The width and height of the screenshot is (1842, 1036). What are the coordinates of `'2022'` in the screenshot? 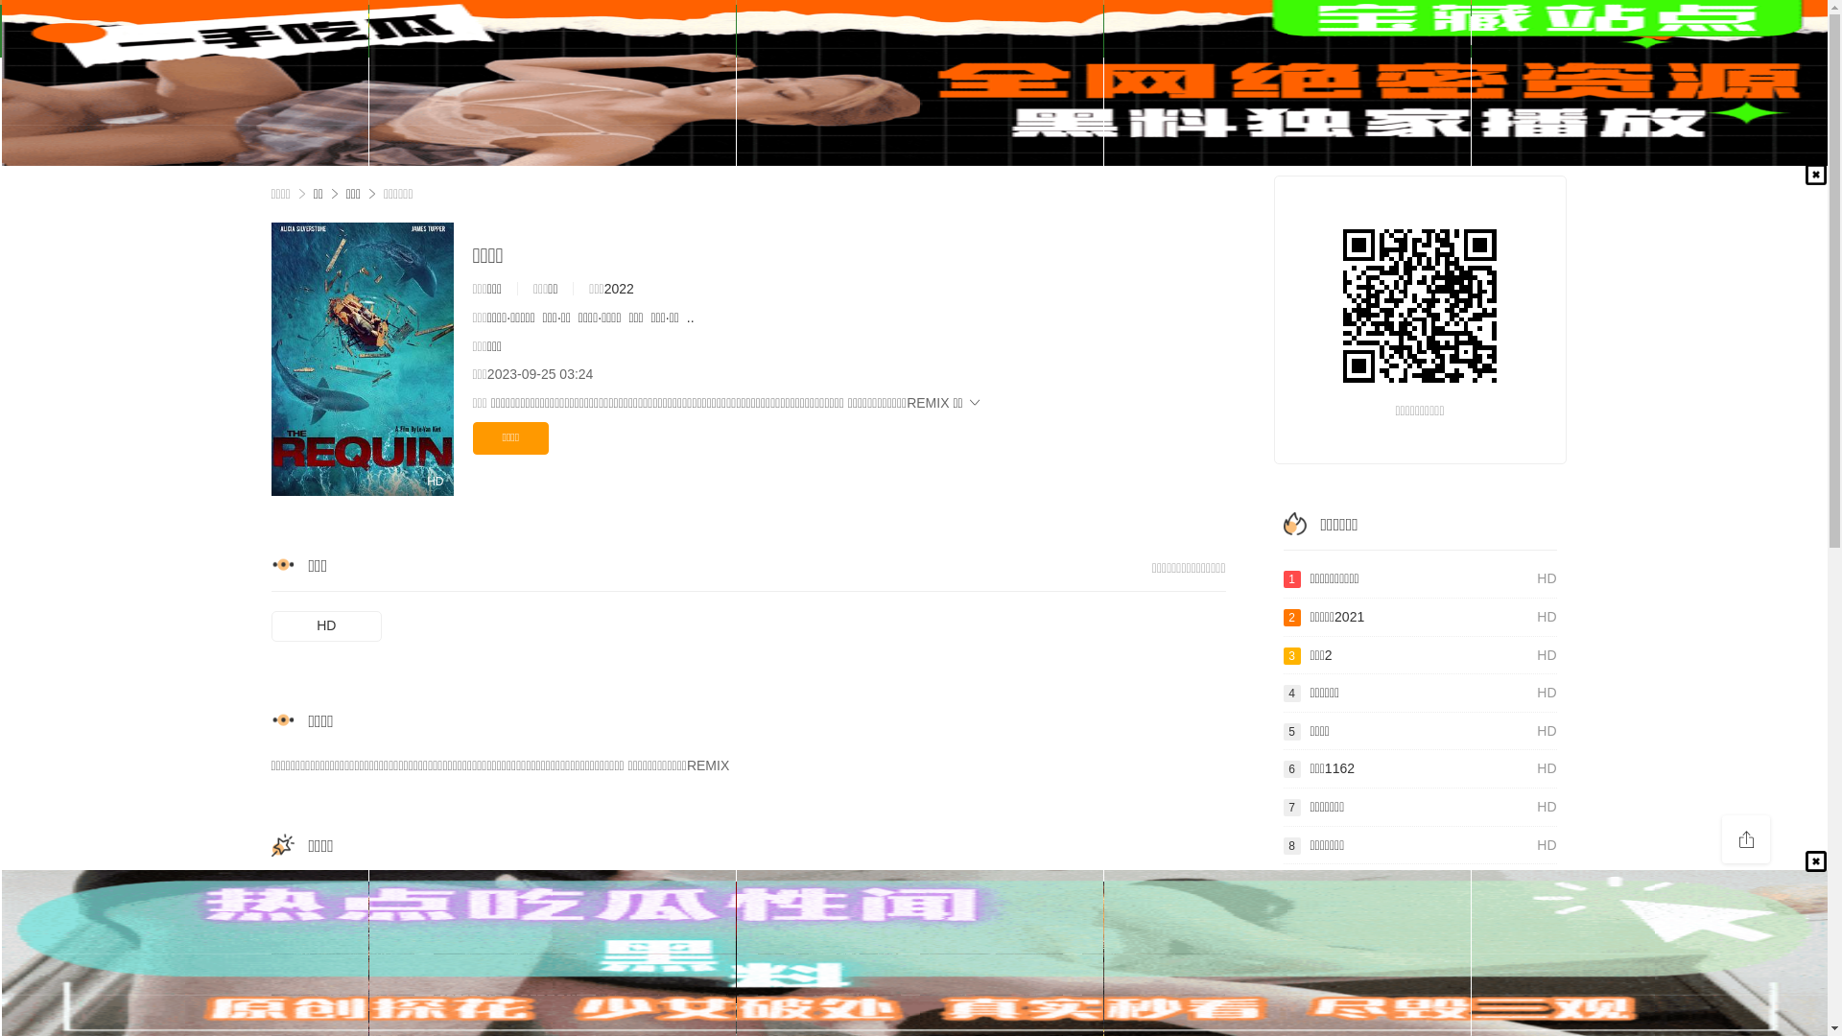 It's located at (619, 288).